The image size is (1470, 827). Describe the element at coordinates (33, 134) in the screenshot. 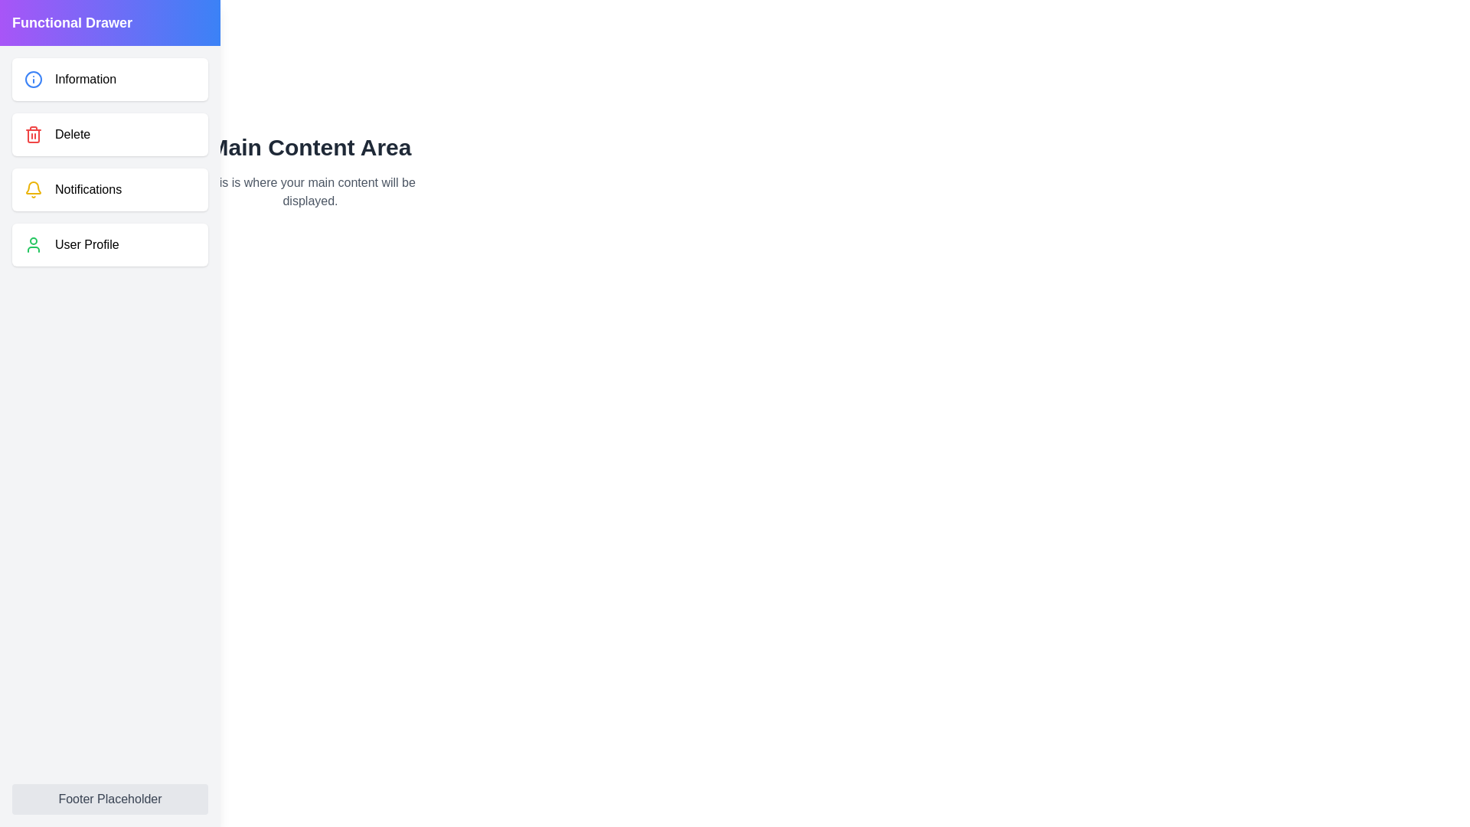

I see `the red trash bin SVG icon located inside the 'Delete' button in the sidebar menu, which is positioned to the left of the 'Delete' text label` at that location.